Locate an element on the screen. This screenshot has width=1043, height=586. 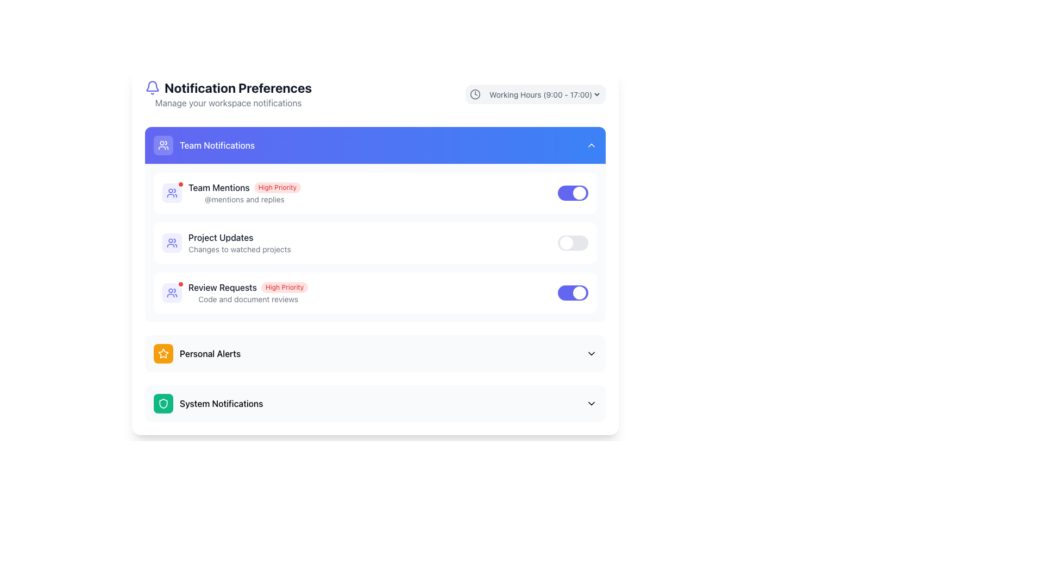
text label that says 'Changes to watched projects', which is styled in a smaller font size and gray color, located directly below the 'Project Updates' title in the 'Team Notifications' section is located at coordinates (239, 249).